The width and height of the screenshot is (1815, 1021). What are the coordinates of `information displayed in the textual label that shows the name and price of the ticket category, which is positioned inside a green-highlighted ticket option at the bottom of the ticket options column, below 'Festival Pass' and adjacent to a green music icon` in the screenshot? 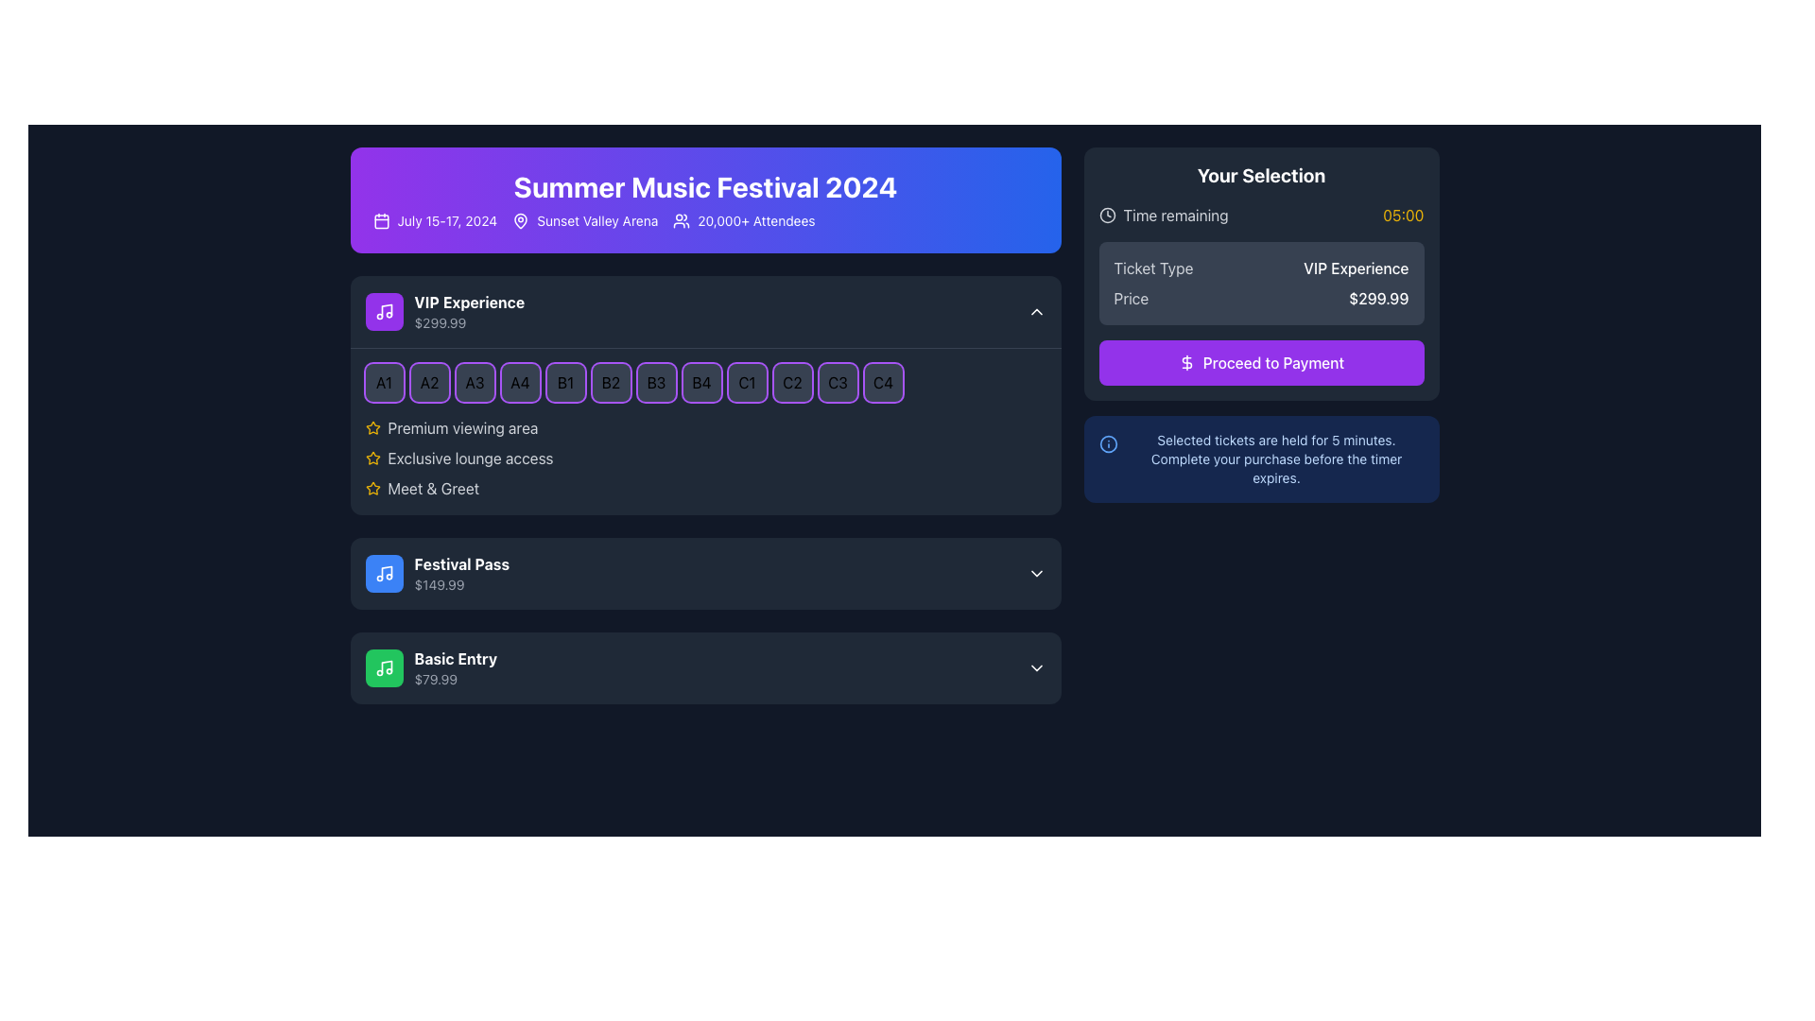 It's located at (456, 666).